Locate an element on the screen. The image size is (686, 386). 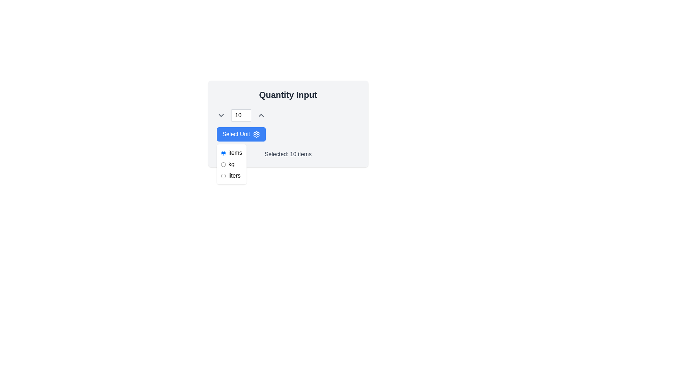
the radio button labeled 'liters' is located at coordinates (232, 176).